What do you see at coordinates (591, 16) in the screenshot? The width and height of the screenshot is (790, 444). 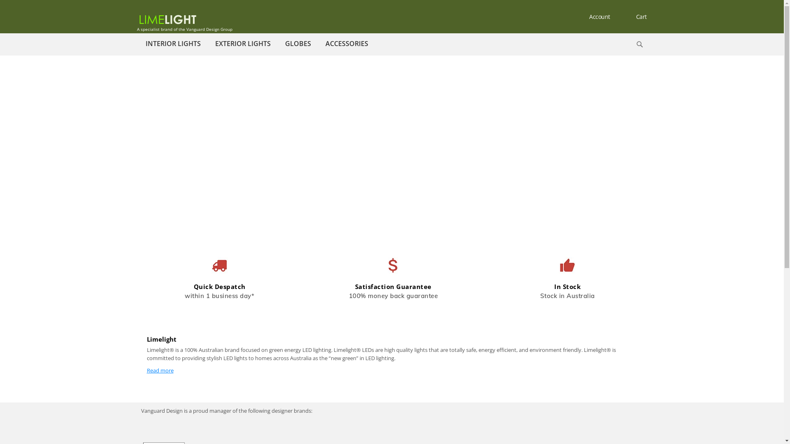 I see `'Account'` at bounding box center [591, 16].